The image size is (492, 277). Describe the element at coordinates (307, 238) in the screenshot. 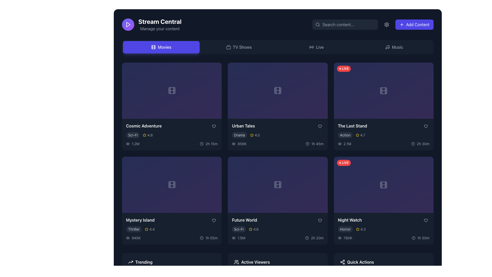

I see `the small circular clock icon with a black outline positioned next to the text '2h 20m' in the movie card for 'Future World'` at that location.